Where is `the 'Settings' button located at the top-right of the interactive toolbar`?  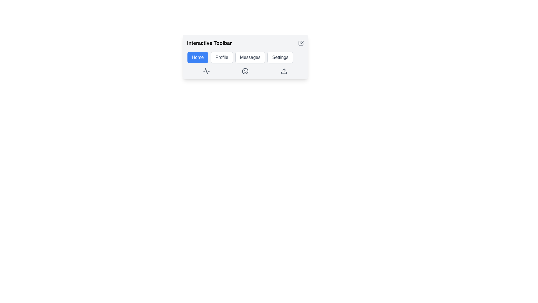
the 'Settings' button located at the top-right of the interactive toolbar is located at coordinates (280, 57).